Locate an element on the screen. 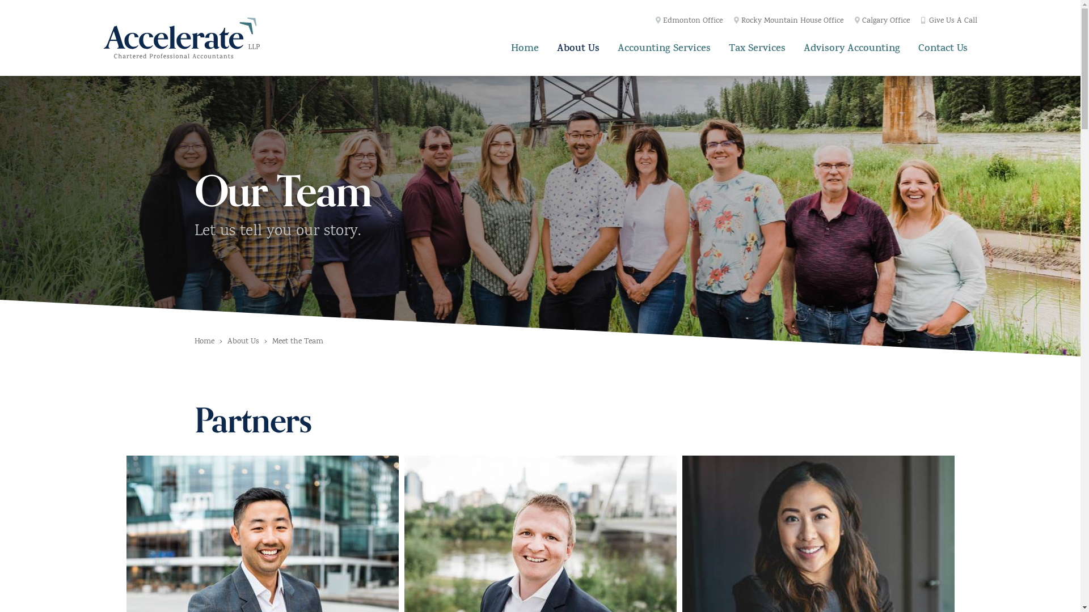 This screenshot has width=1089, height=612. 'Rocky Mountain House Office' is located at coordinates (788, 22).